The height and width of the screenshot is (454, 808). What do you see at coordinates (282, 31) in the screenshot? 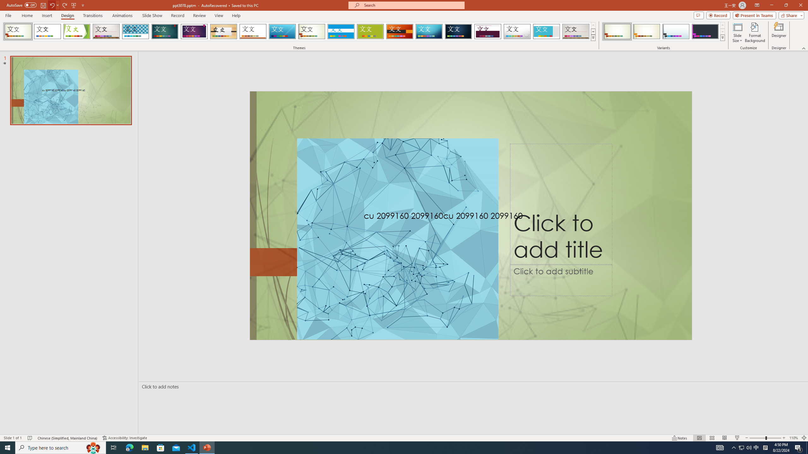
I see `'Slice'` at bounding box center [282, 31].